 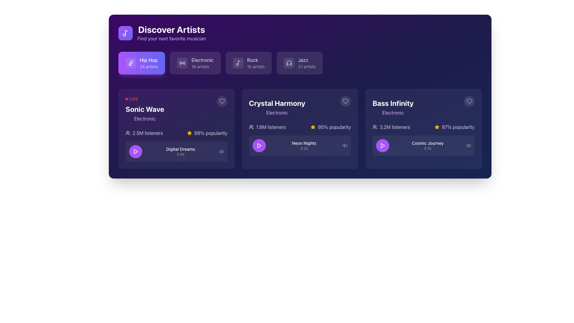 I want to click on the circular category selection icon resembling a signal or broadcast symbol, located in the second tab under 'Discover Artists', between the 'Hip Hop' and 'Rock' tabs for keyboard navigation, so click(x=182, y=63).